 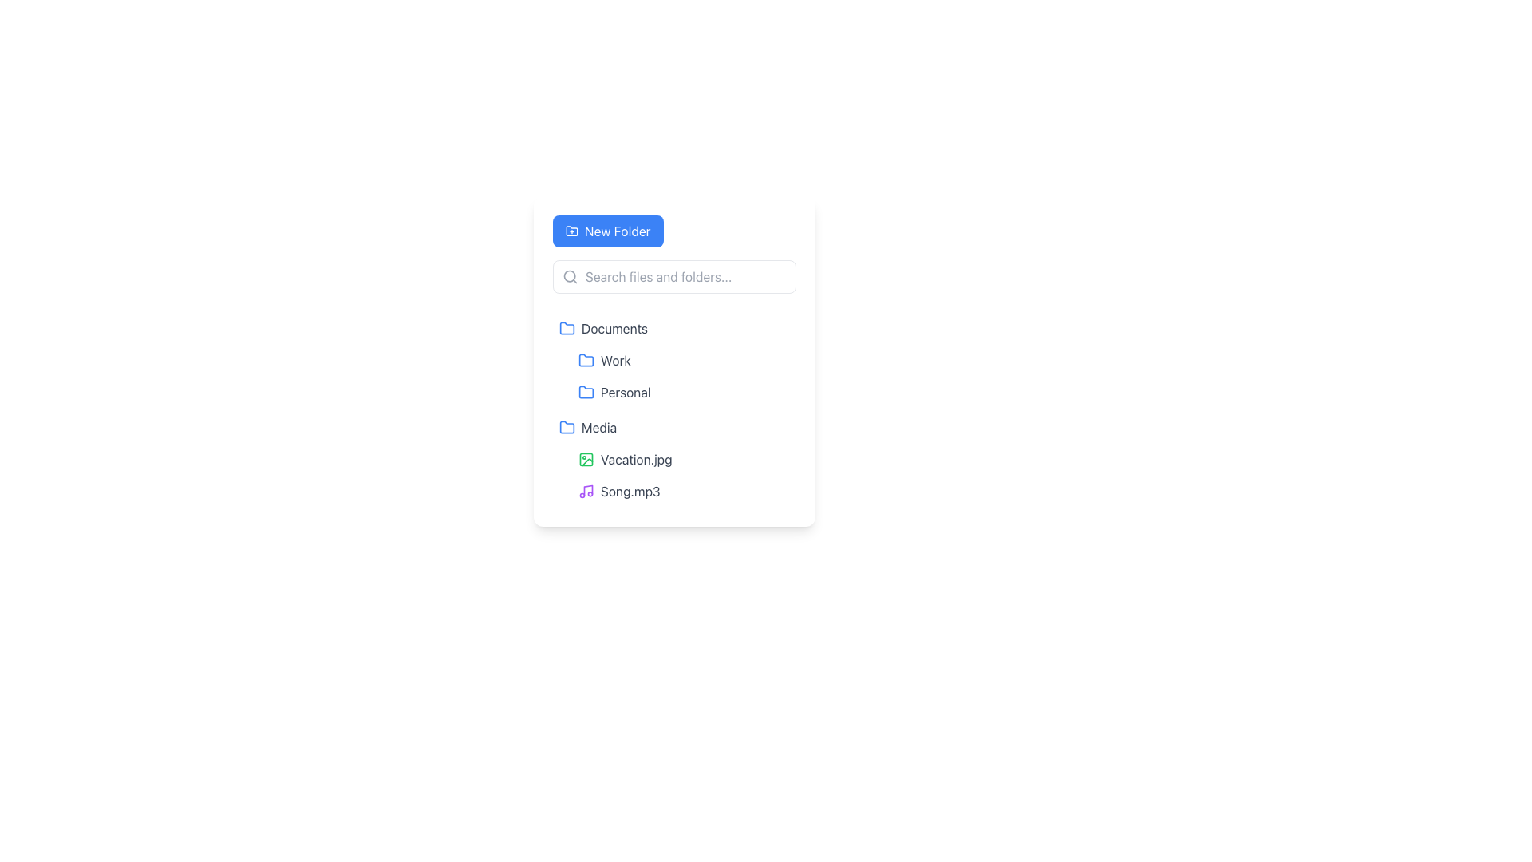 What do you see at coordinates (635, 459) in the screenshot?
I see `on the text label 'Vacation.jpg' which is styled in gray and is located beside the green icon in the Media folder` at bounding box center [635, 459].